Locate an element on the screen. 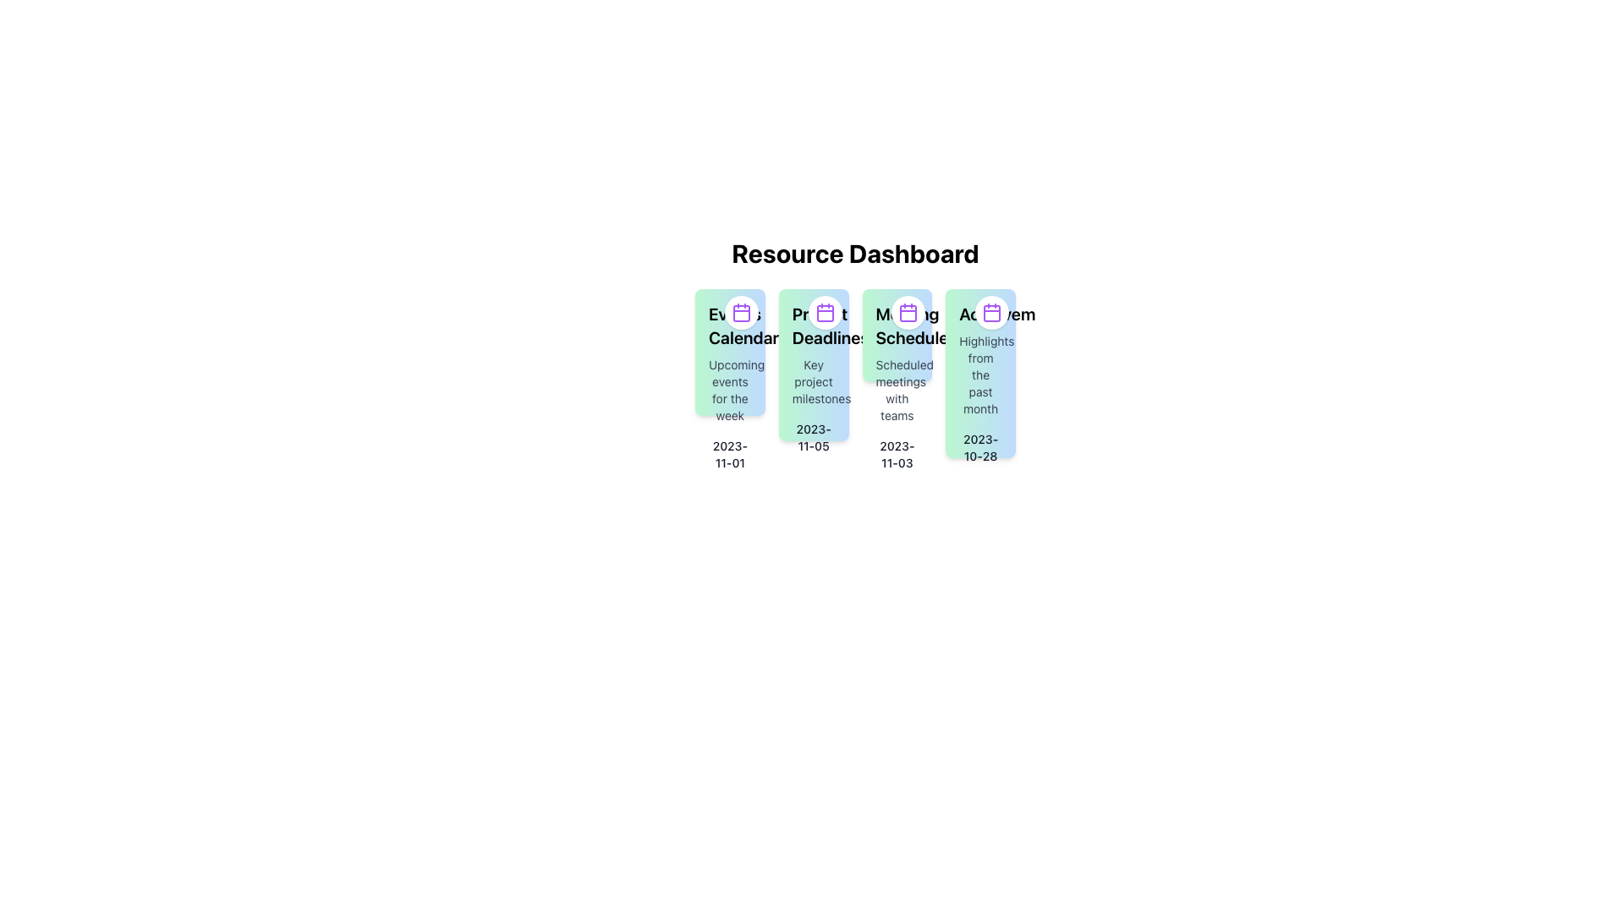  the text element displaying 'Scheduled meetings with teams', which is styled in small-sized, gray font and positioned within the third card of a series of four cards is located at coordinates (896, 391).